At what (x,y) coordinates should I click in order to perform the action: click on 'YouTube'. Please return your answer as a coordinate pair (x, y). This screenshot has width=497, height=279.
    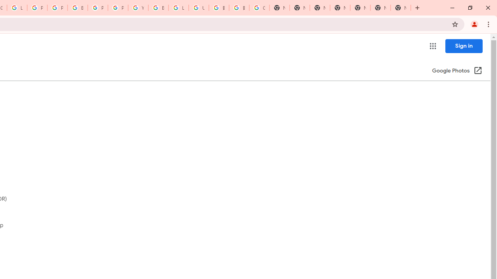
    Looking at the image, I should click on (138, 8).